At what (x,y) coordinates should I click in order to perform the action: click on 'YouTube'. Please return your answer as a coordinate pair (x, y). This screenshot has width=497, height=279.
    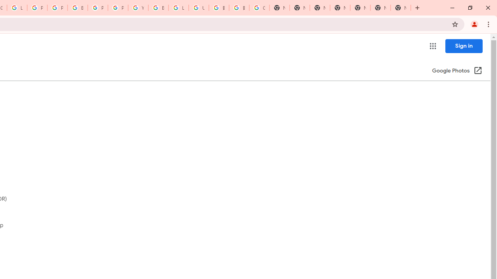
    Looking at the image, I should click on (138, 8).